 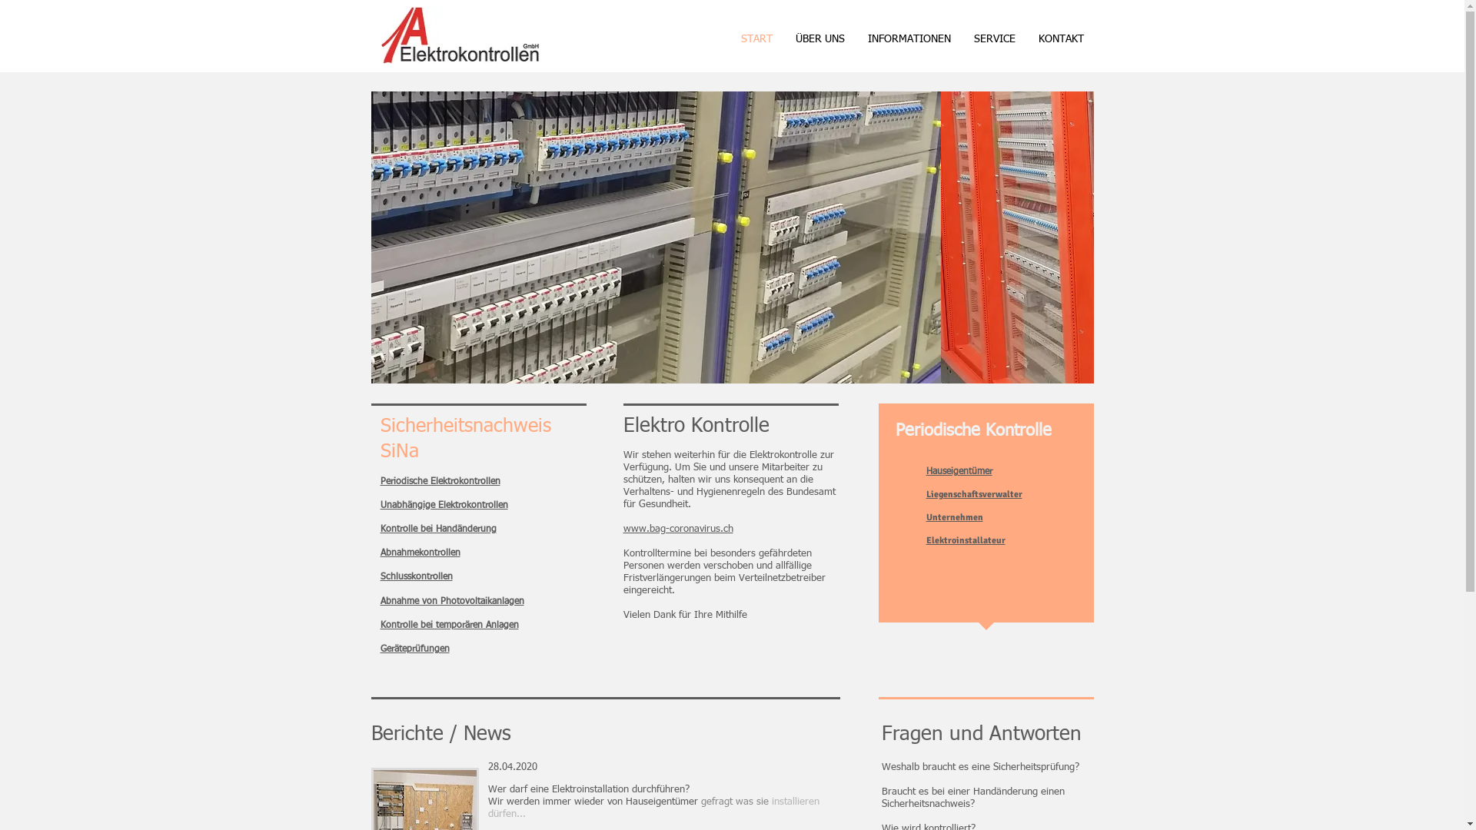 What do you see at coordinates (972, 494) in the screenshot?
I see `'Liegenschaftsverwalter'` at bounding box center [972, 494].